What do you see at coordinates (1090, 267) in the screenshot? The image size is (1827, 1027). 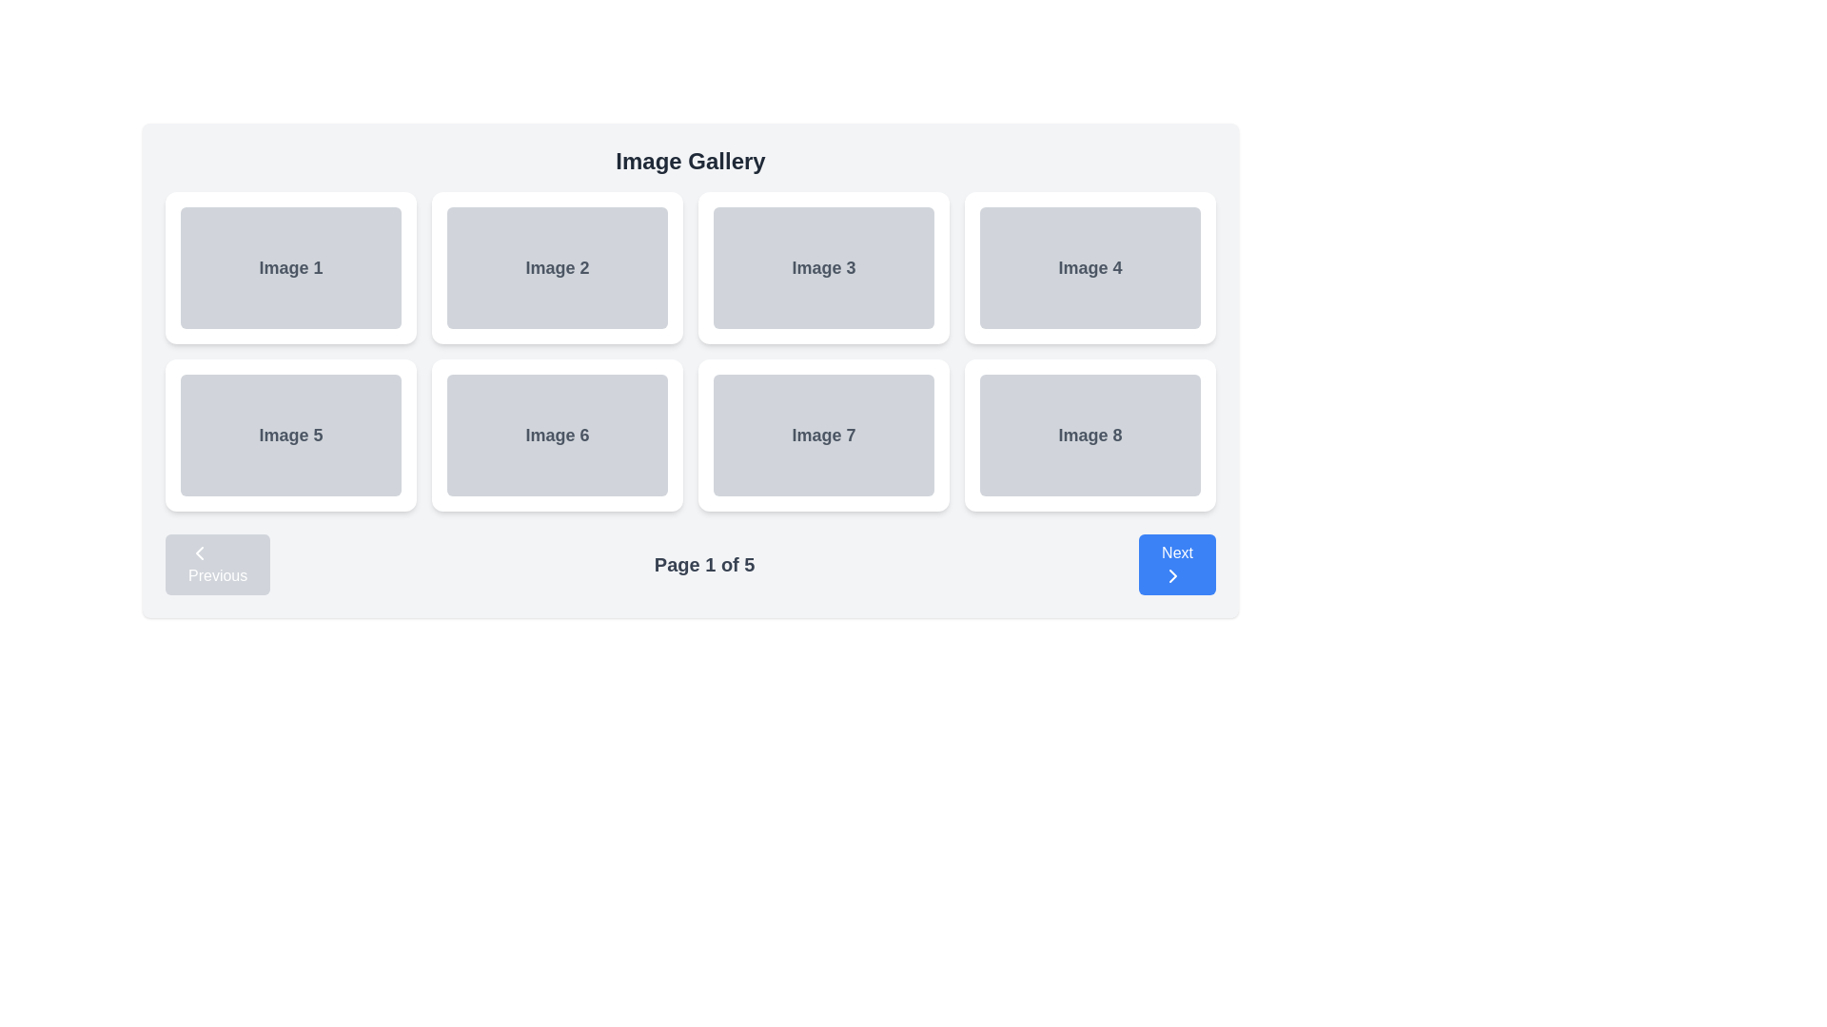 I see `the gallery item labeled 'Image 4' by clicking on the card located in the first row of the 4x2 grid layout` at bounding box center [1090, 267].